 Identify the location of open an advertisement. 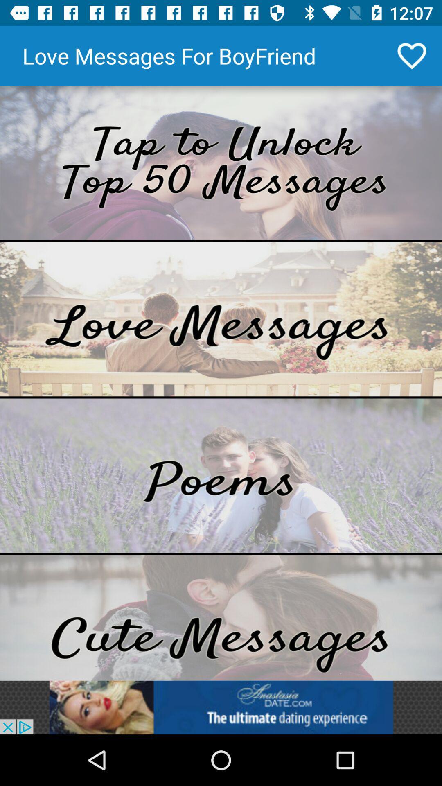
(221, 707).